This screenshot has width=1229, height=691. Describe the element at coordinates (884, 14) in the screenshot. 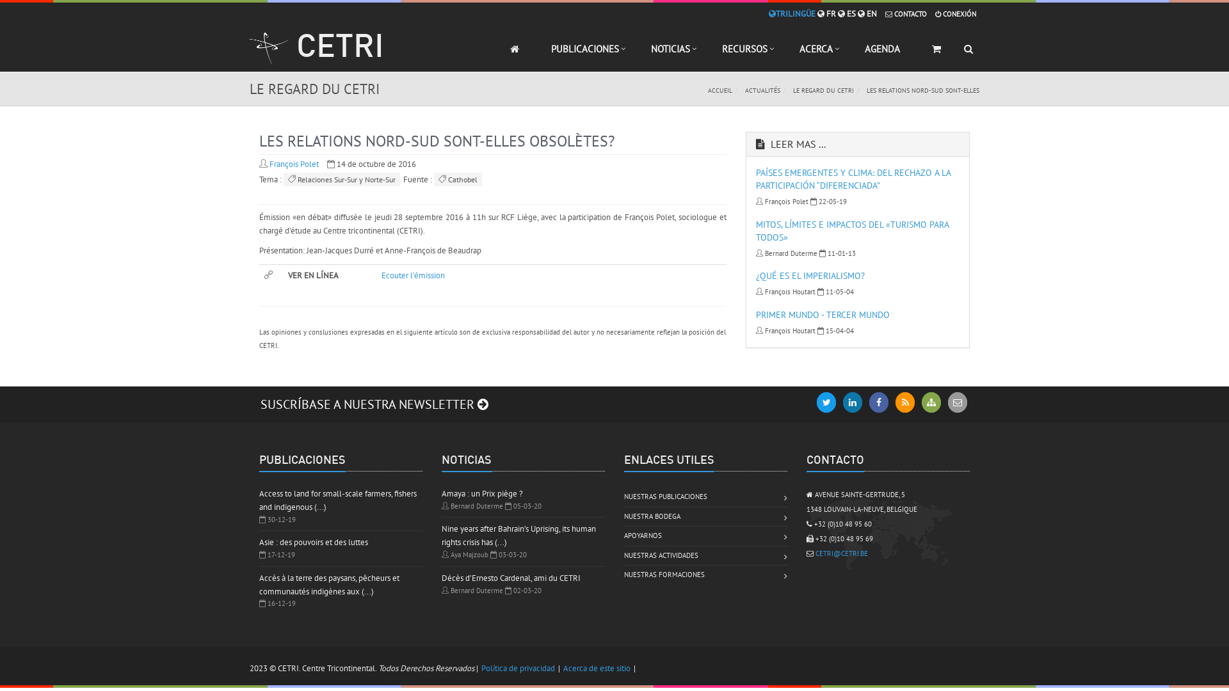

I see `'CONTACTO'` at that location.